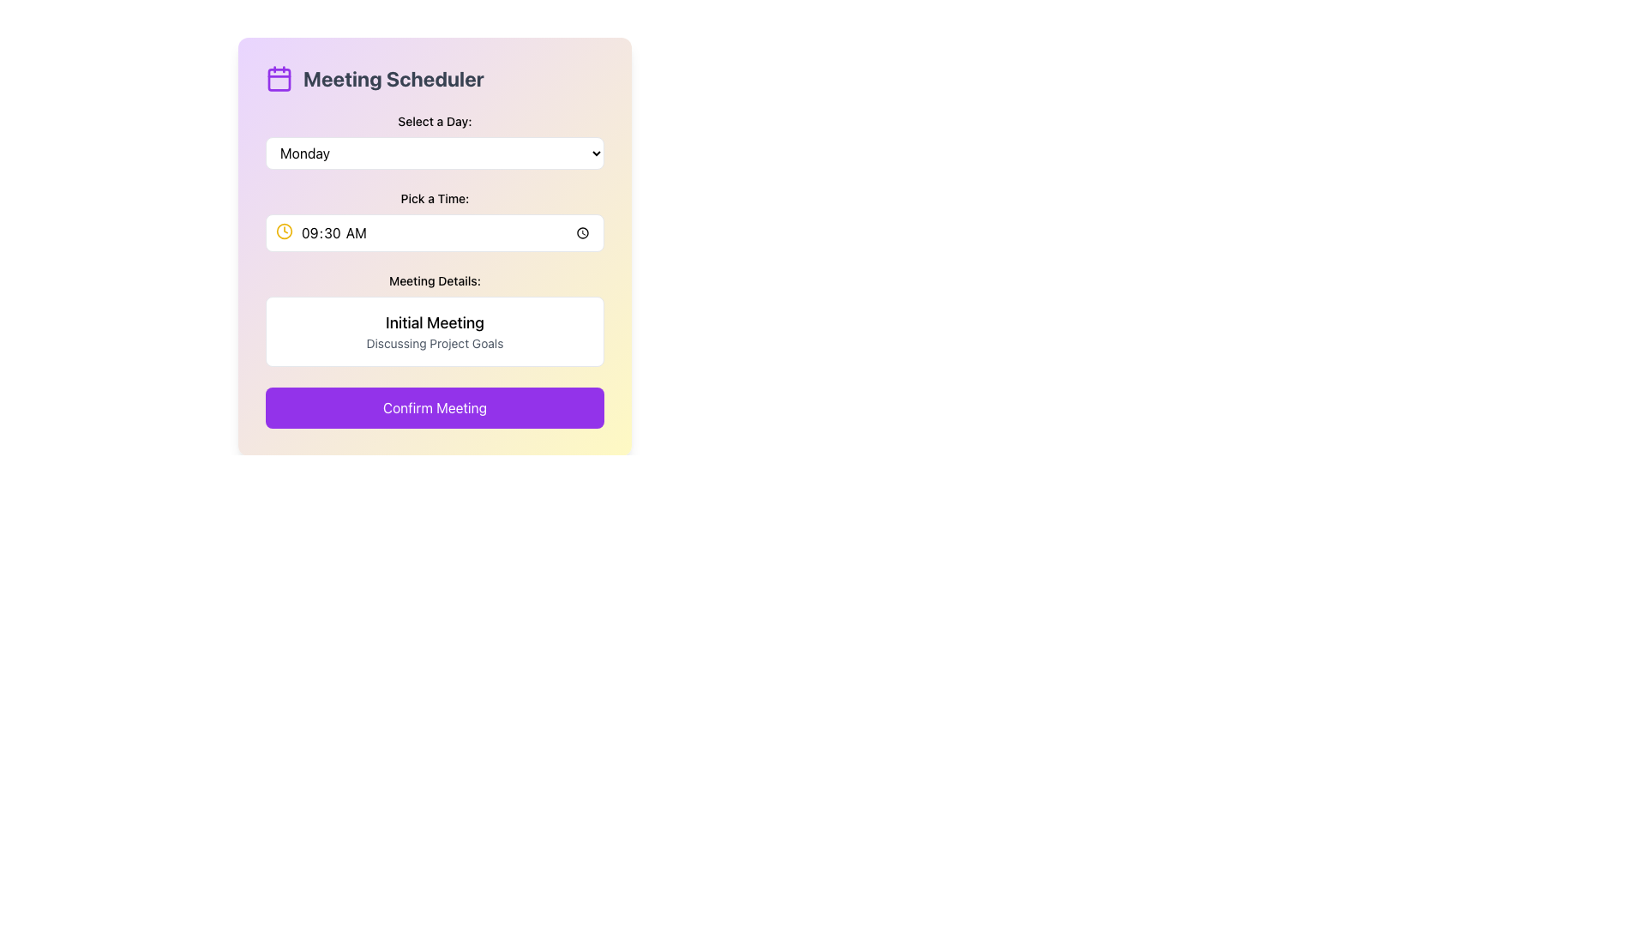 The height and width of the screenshot is (926, 1646). I want to click on the text display element styled in bold with the content 'Initial Meeting' located within the 'Meeting Details' box, so click(435, 323).